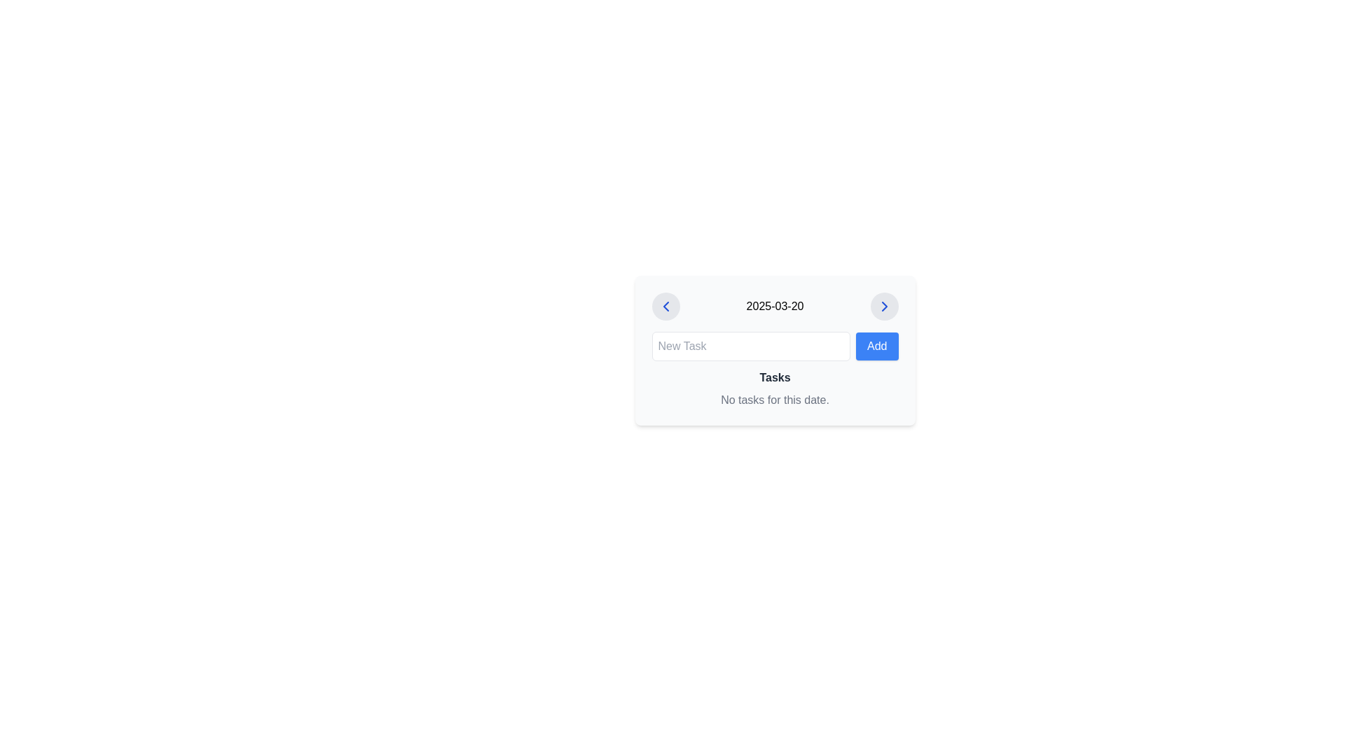  Describe the element at coordinates (774, 346) in the screenshot. I see `the input field or the 'Add' button located in the horizontal layout beneath the date display '2025-03-20'` at that location.